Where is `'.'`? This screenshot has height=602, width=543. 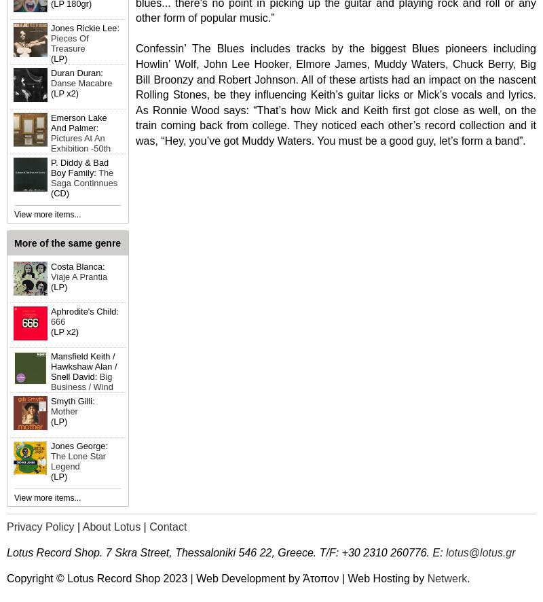 '.' is located at coordinates (468, 578).